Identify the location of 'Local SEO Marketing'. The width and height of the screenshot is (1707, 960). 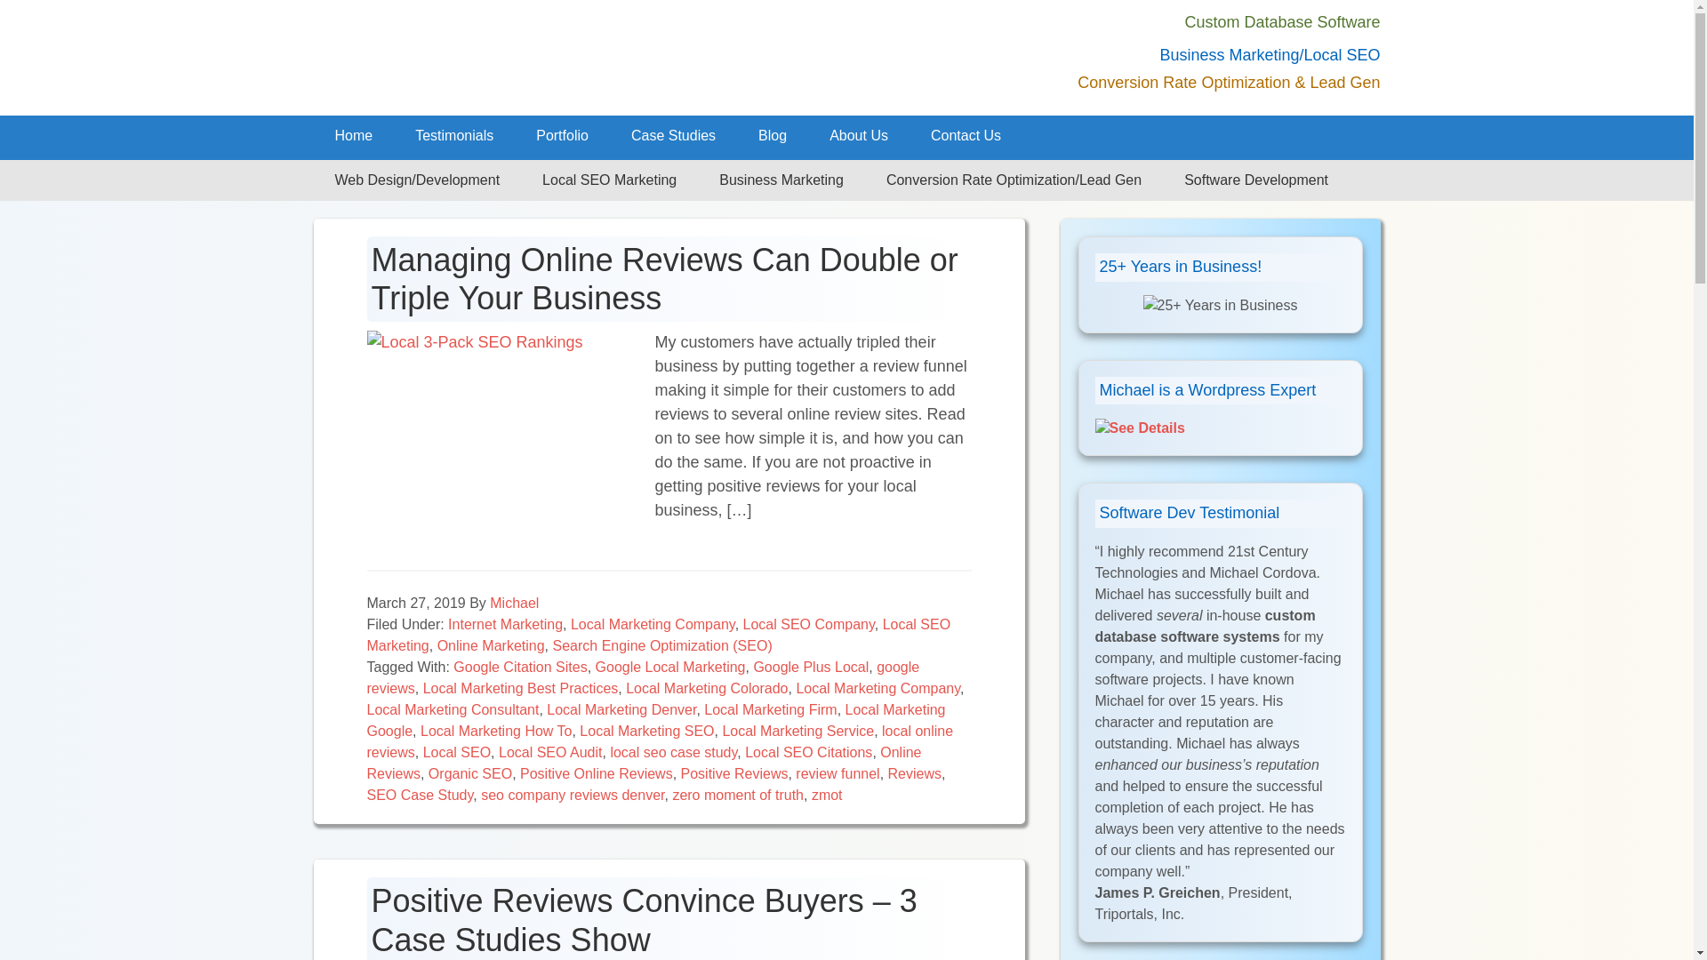
(609, 180).